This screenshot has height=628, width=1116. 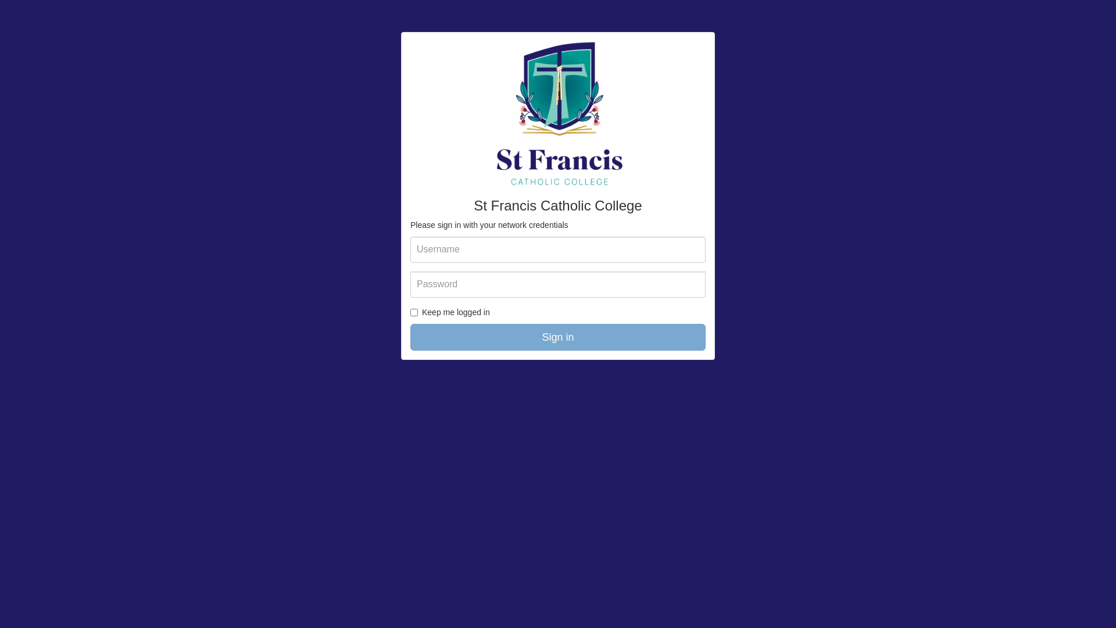 I want to click on 'Sign in', so click(x=558, y=337).